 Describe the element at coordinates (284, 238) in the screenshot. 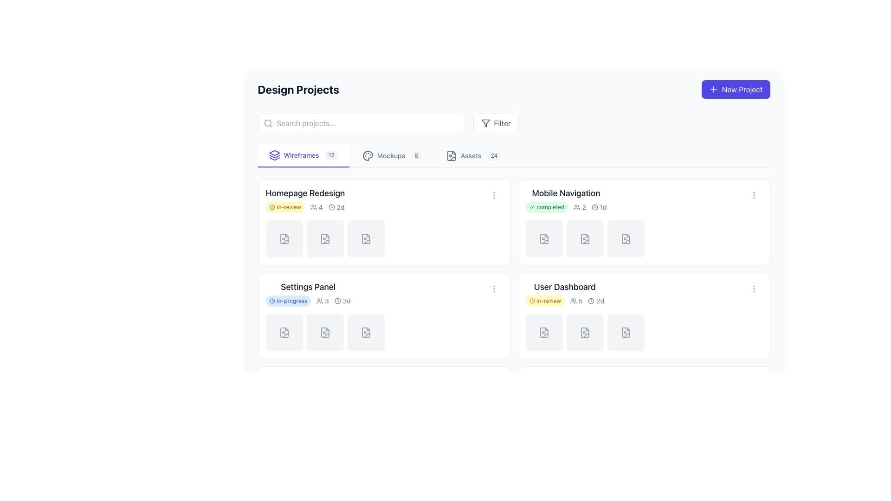

I see `the square-shaped icon with a light gray background and a document outline with an image symbol inside, located in the 'Homepage Redesign' section of the 'Design Projects' interface` at that location.